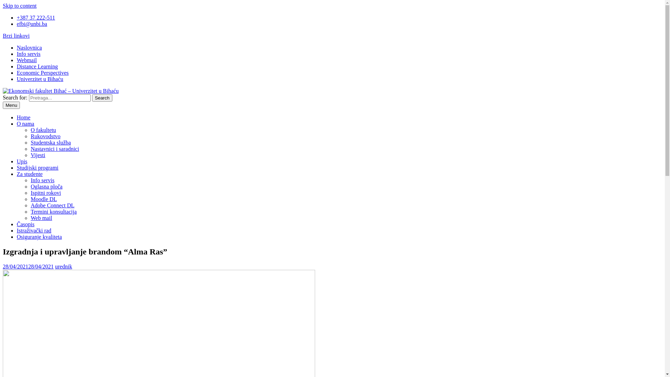 This screenshot has height=377, width=670. What do you see at coordinates (30, 217) in the screenshot?
I see `'Web mail'` at bounding box center [30, 217].